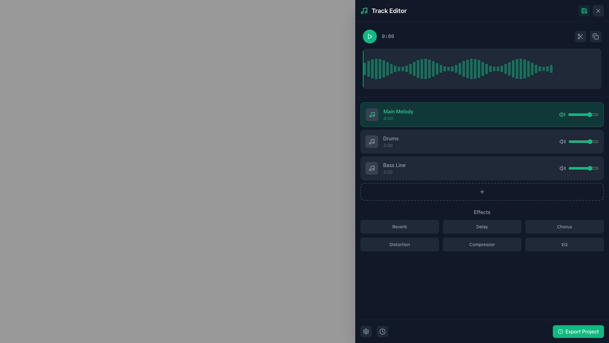  What do you see at coordinates (521, 69) in the screenshot?
I see `the 42nd vertical green bar in the waveform display to focus on the corresponding audio segment` at bounding box center [521, 69].